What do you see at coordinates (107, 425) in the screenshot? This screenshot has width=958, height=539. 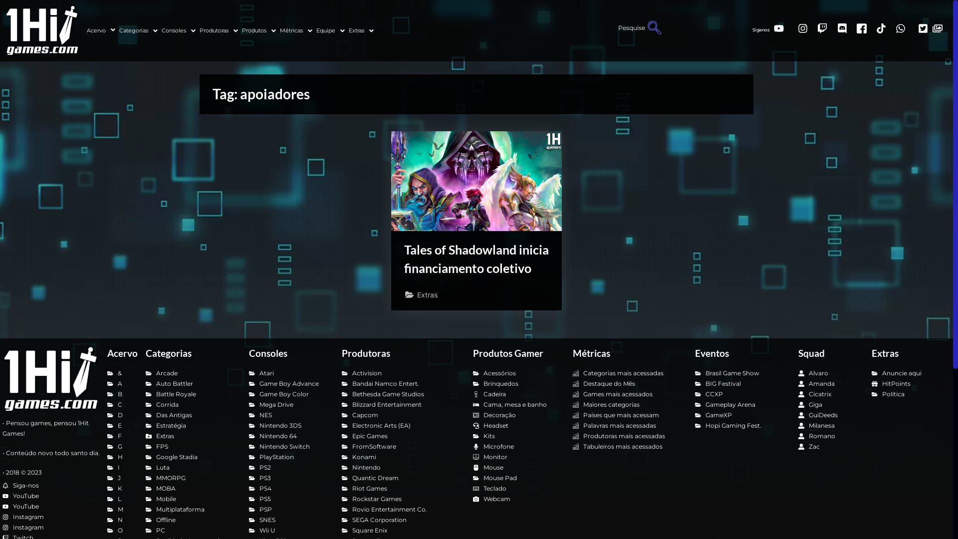 I see `'E'` at bounding box center [107, 425].